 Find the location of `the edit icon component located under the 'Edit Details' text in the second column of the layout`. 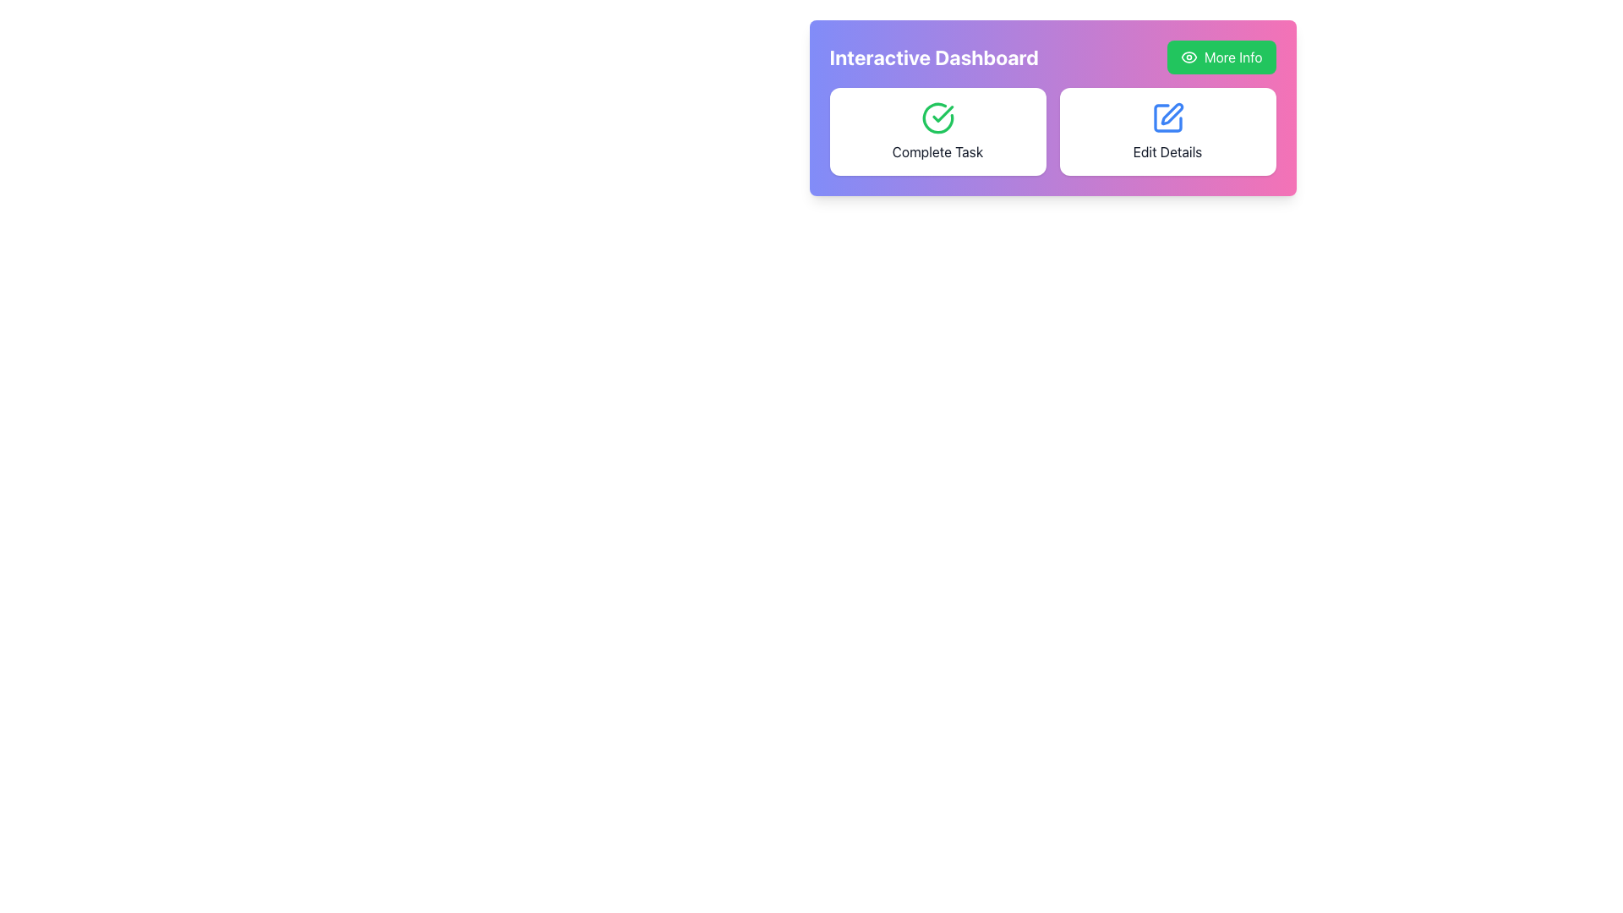

the edit icon component located under the 'Edit Details' text in the second column of the layout is located at coordinates (1171, 114).